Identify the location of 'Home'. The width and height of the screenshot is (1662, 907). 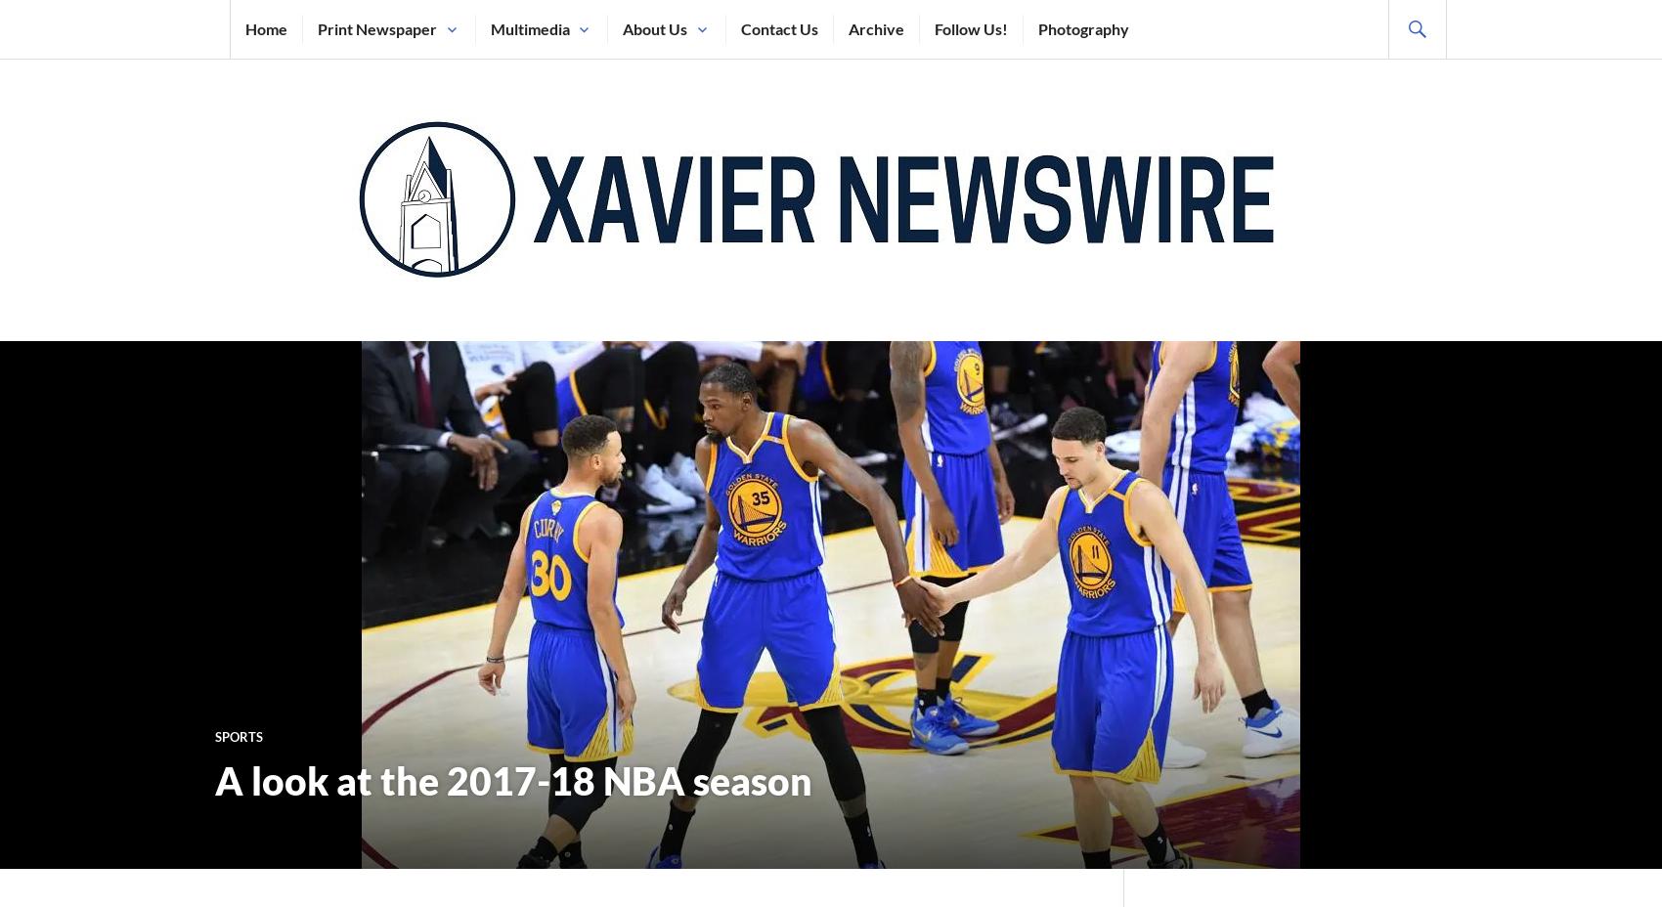
(266, 27).